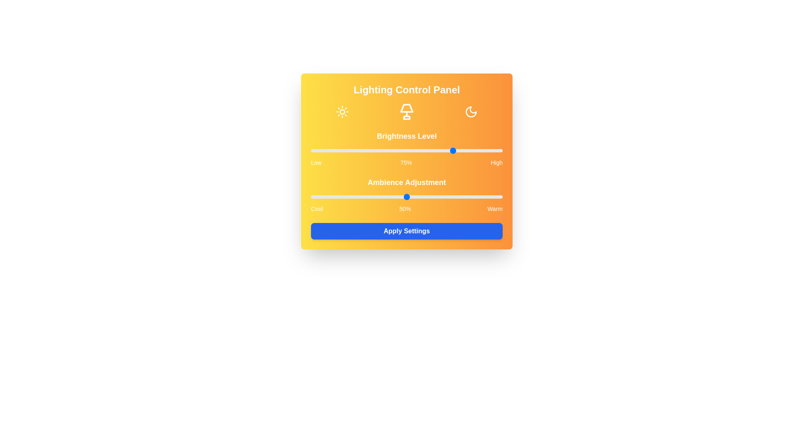  What do you see at coordinates (342, 111) in the screenshot?
I see `the Sun icon to interact with it` at bounding box center [342, 111].